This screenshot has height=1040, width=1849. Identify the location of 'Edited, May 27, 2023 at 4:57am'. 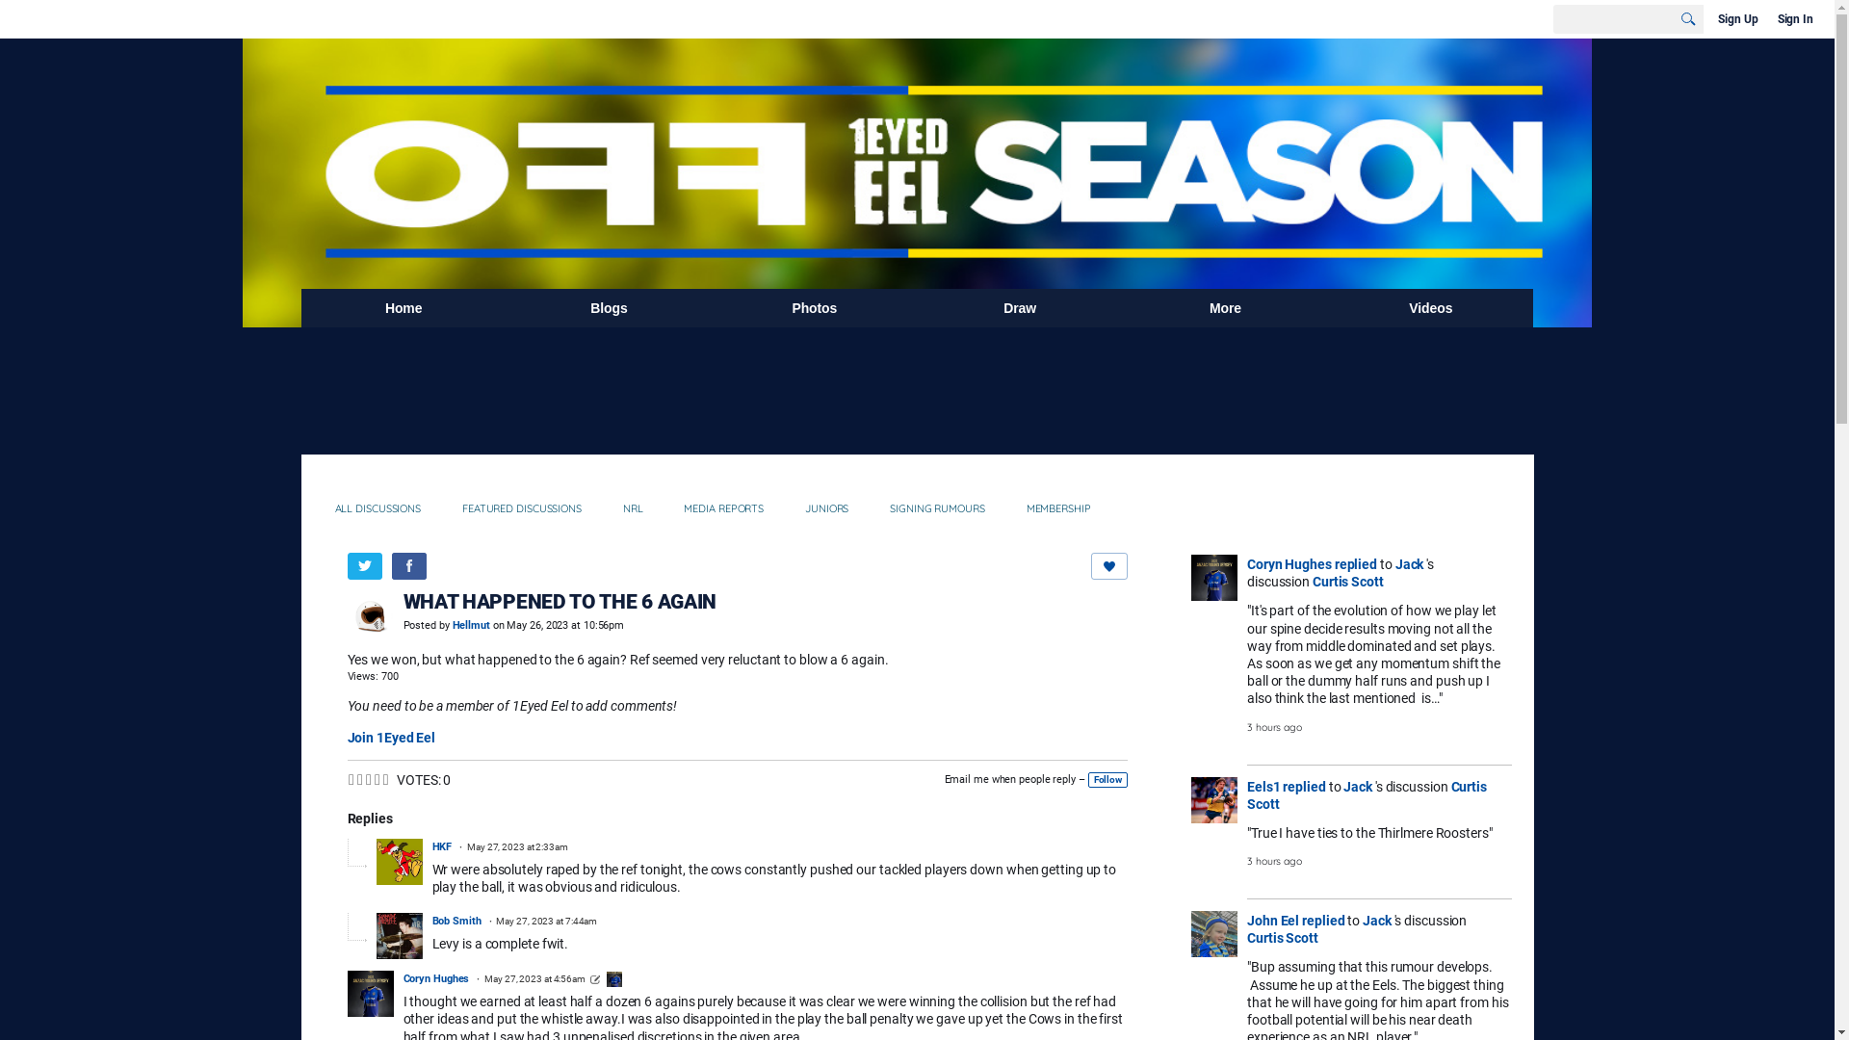
(594, 979).